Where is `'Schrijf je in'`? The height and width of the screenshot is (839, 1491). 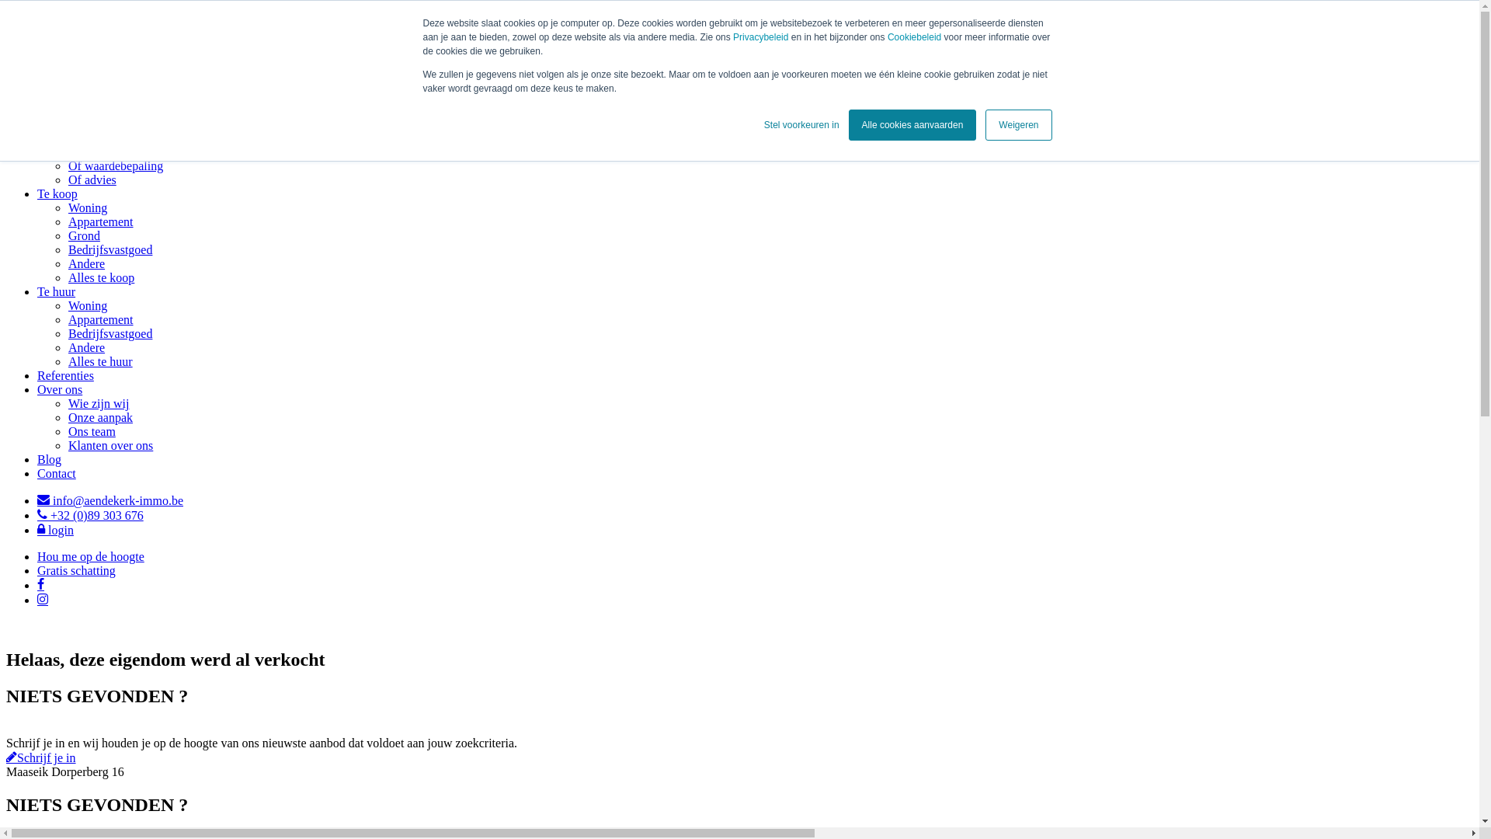
'Schrijf je in' is located at coordinates (40, 757).